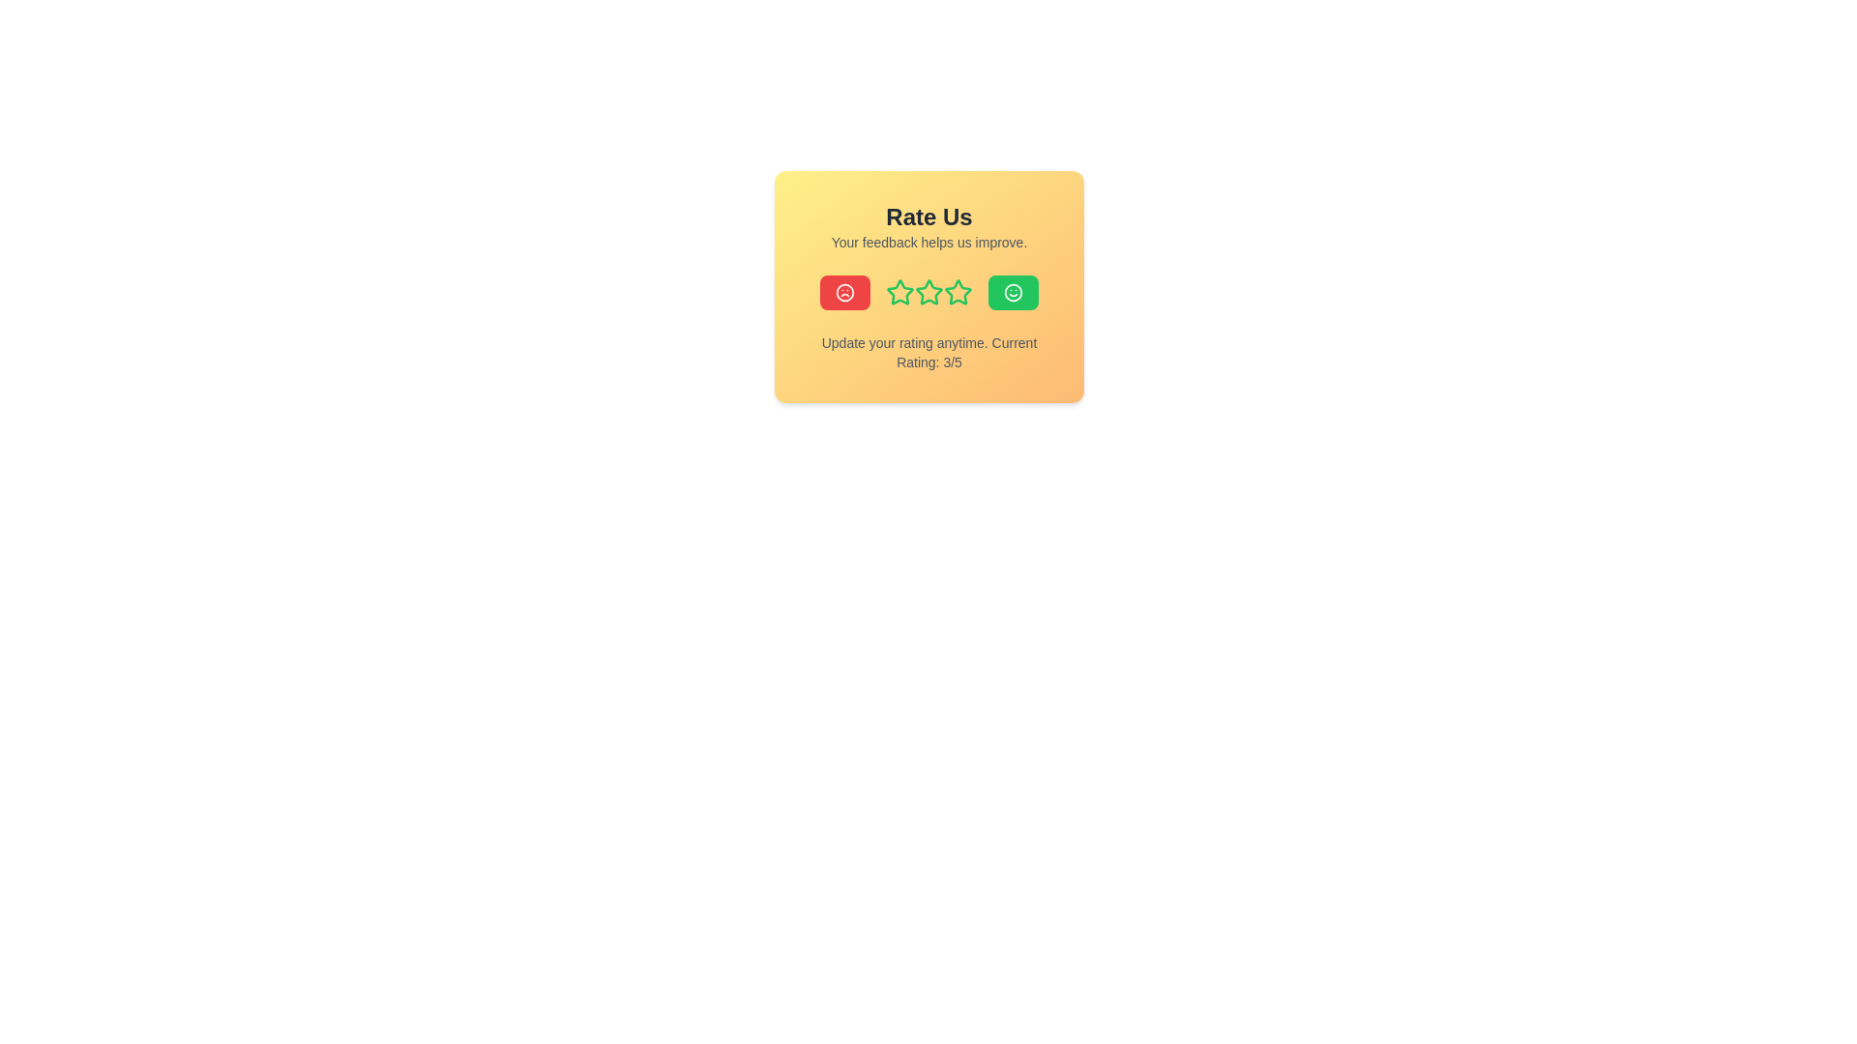 This screenshot has width=1857, height=1044. I want to click on the text reading 'Your feedback helps us improve.' positioned below the heading 'Rate Us' to focus on it, so click(928, 241).